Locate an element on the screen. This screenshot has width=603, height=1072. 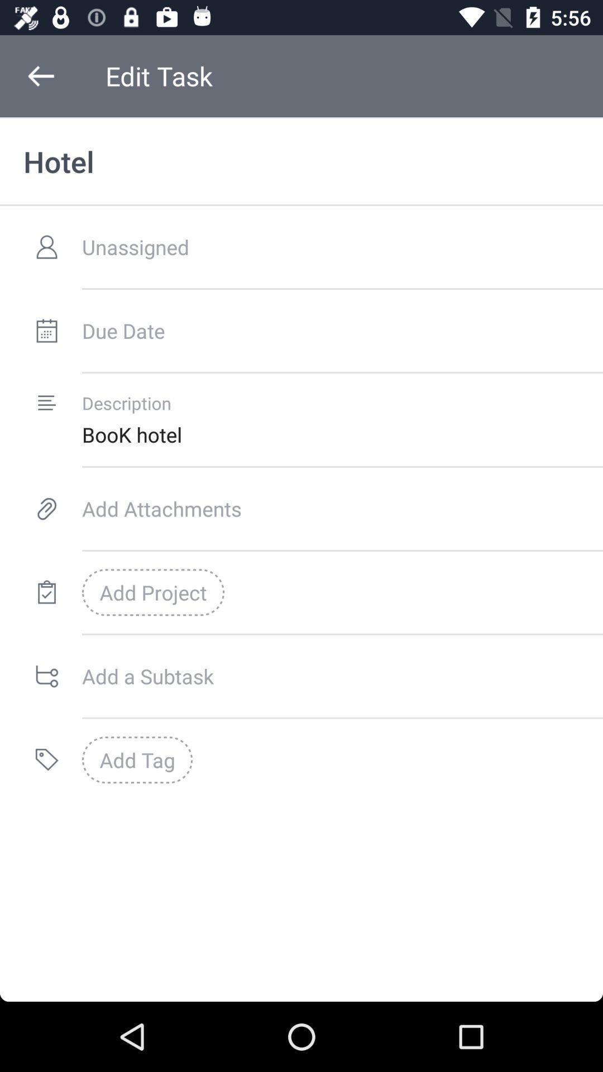
the icon above add project is located at coordinates (342, 508).